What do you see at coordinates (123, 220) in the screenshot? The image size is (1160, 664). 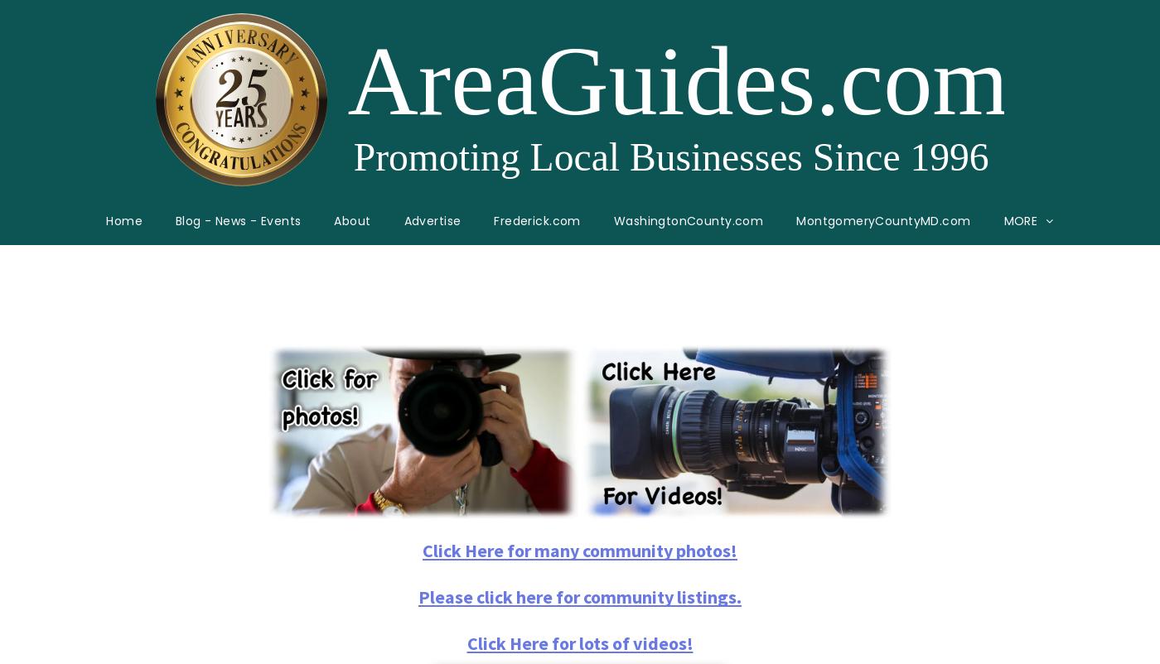 I see `'Home'` at bounding box center [123, 220].